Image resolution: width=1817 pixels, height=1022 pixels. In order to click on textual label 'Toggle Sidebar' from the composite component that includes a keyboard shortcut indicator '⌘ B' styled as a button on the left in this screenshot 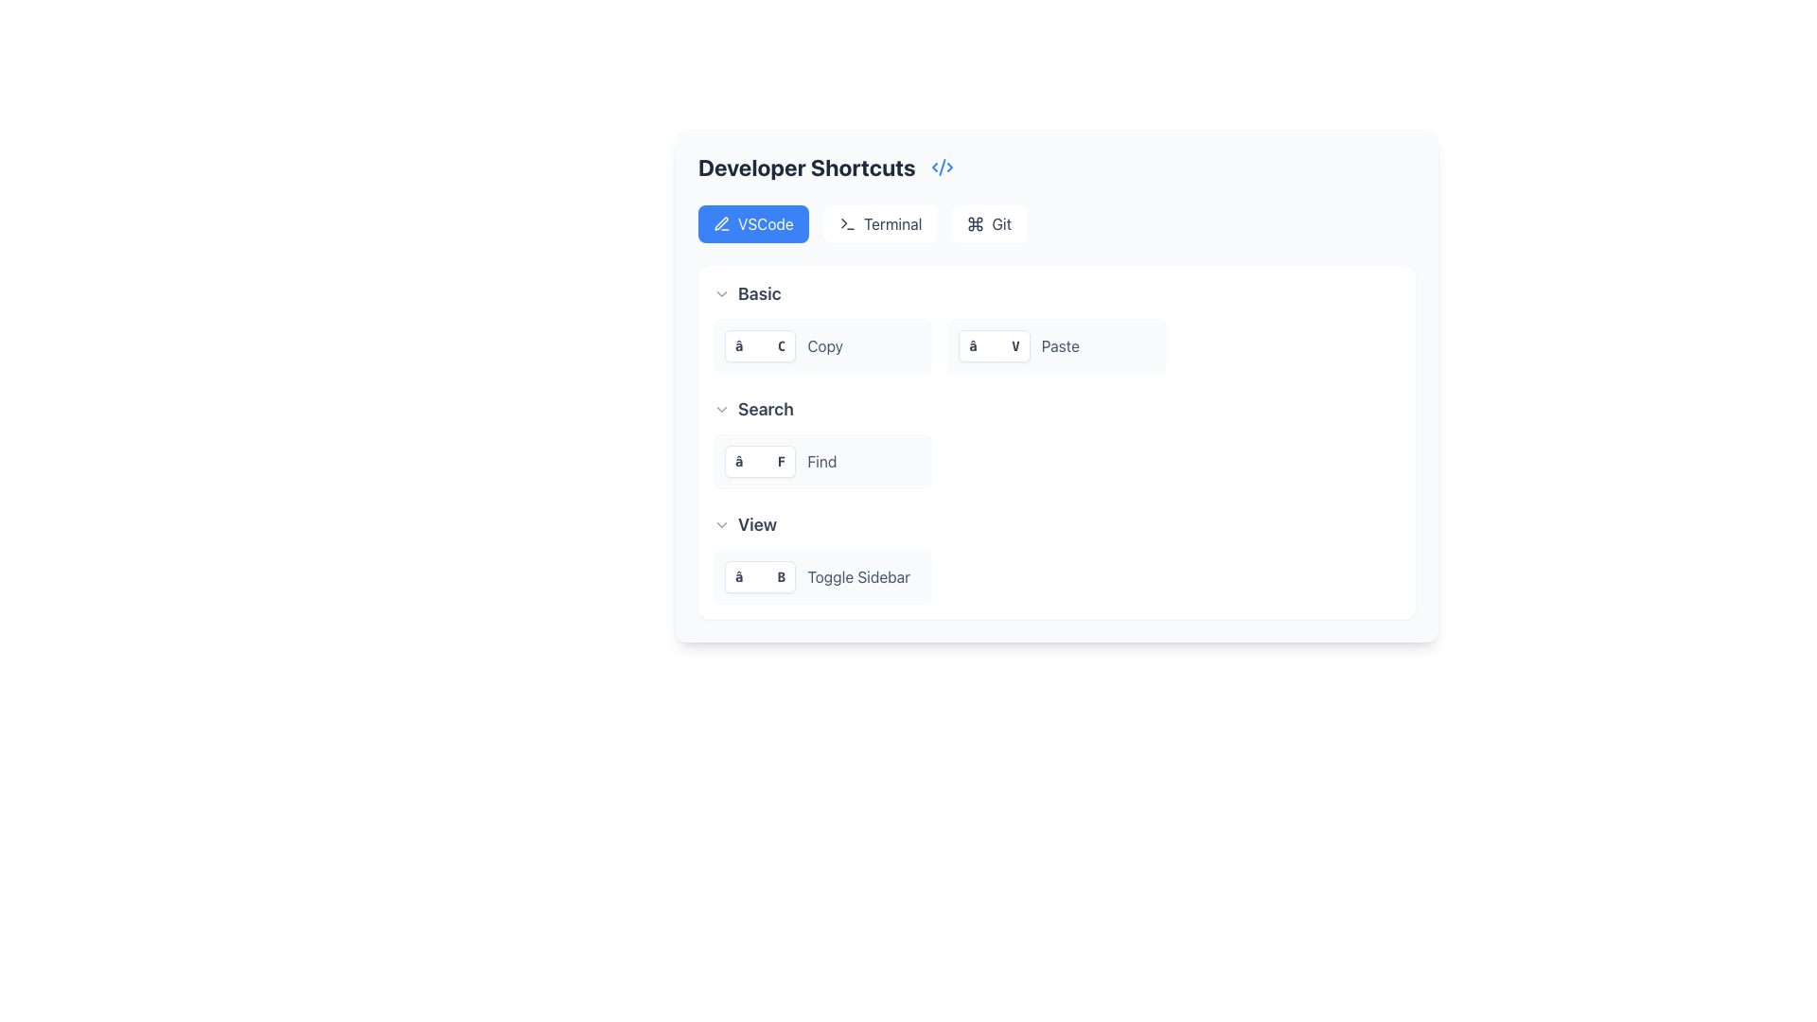, I will do `click(822, 575)`.